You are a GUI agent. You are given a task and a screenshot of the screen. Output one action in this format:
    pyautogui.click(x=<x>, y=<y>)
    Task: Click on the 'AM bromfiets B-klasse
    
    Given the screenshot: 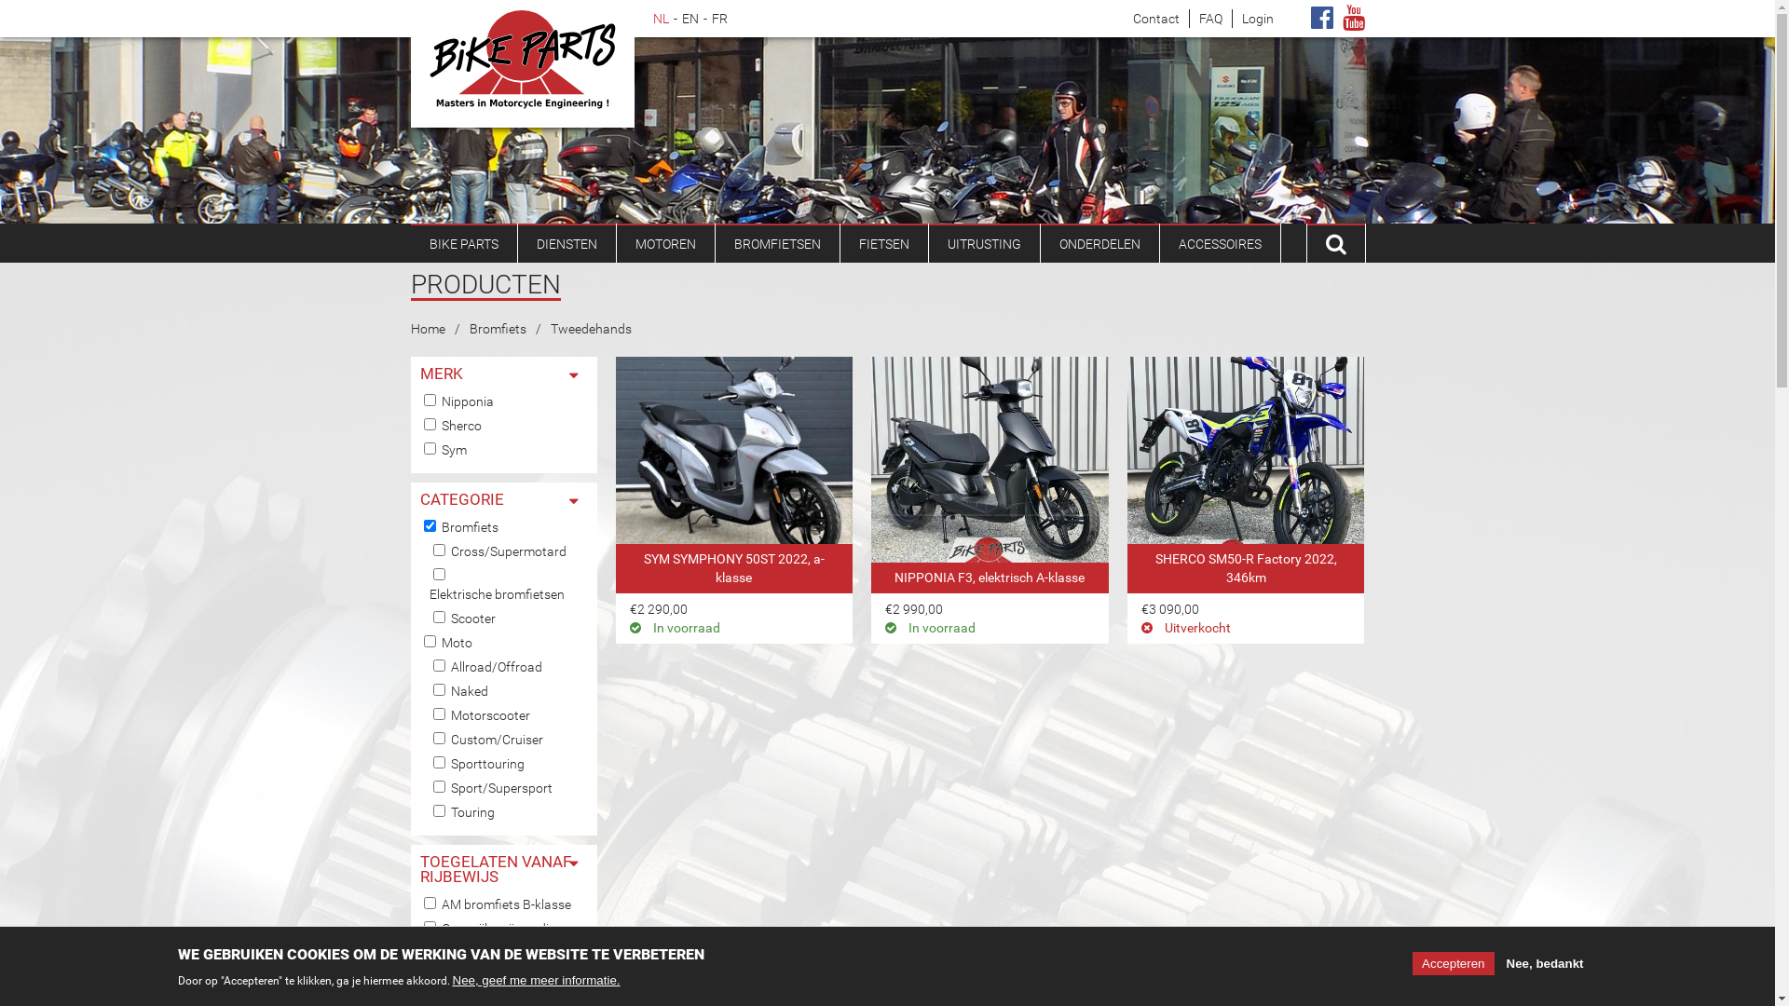 What is the action you would take?
    pyautogui.click(x=441, y=904)
    